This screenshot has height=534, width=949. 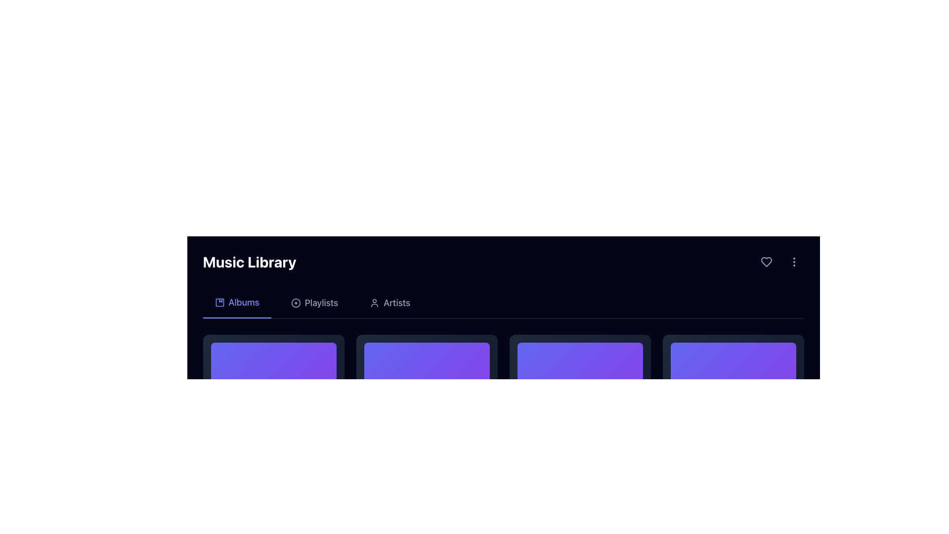 What do you see at coordinates (295, 303) in the screenshot?
I see `the circular icon located in the 'Playlists' section of the navigation bar, positioned to the left of the 'Playlists' label` at bounding box center [295, 303].